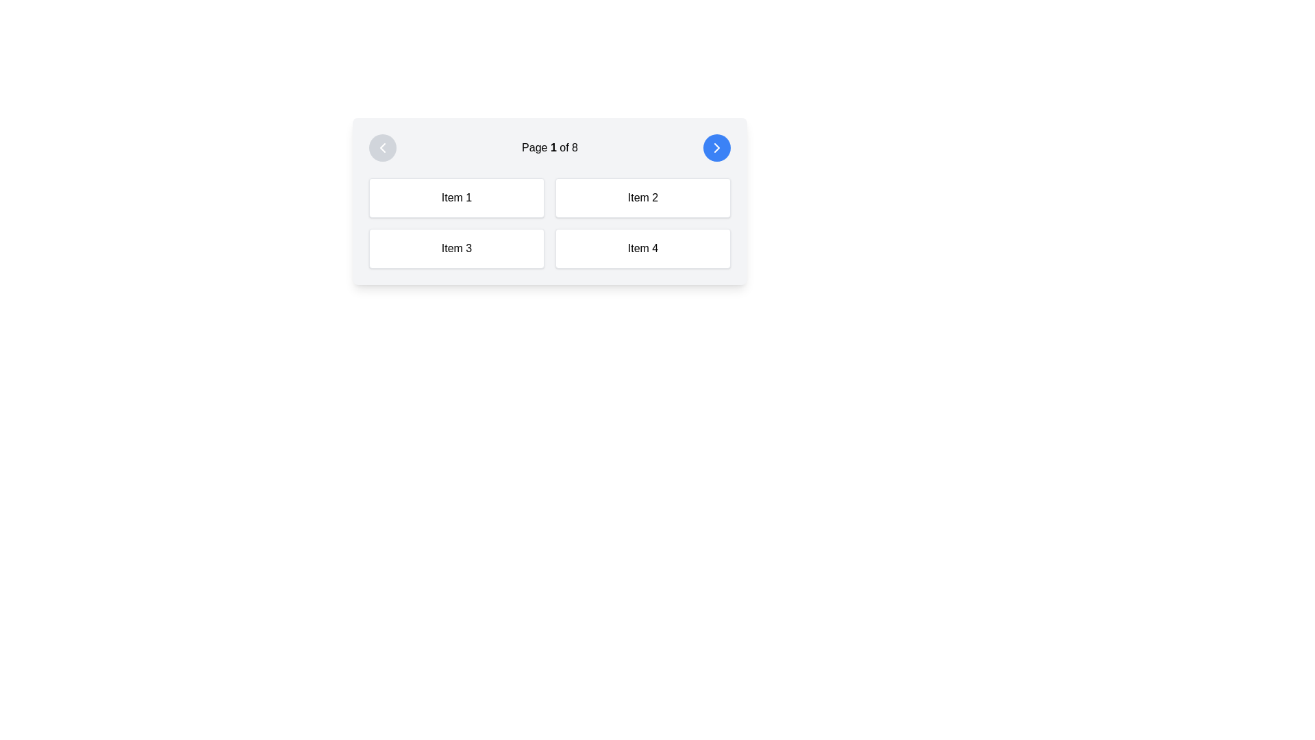 This screenshot has width=1315, height=740. I want to click on the Text label displaying the current page number (1) and total pages (8) in the pagination control, so click(549, 148).